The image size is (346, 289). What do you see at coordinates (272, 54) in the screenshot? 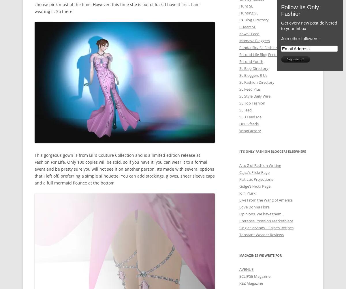
I see `'Second Life Blog Feed Portal (Japanese)'` at bounding box center [272, 54].